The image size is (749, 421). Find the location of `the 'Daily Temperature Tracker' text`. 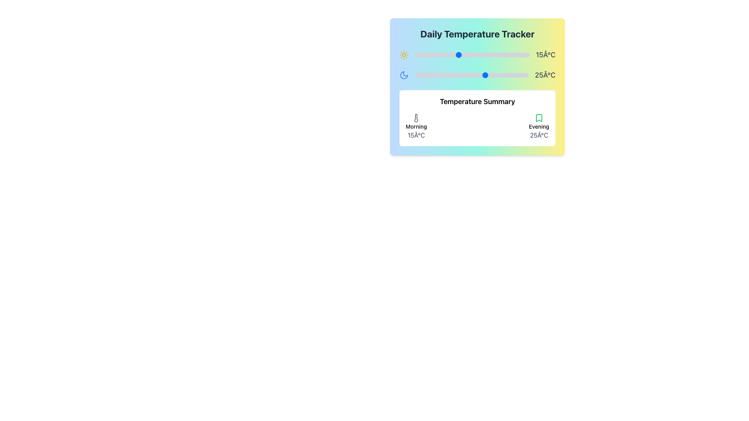

the 'Daily Temperature Tracker' text is located at coordinates (477, 34).